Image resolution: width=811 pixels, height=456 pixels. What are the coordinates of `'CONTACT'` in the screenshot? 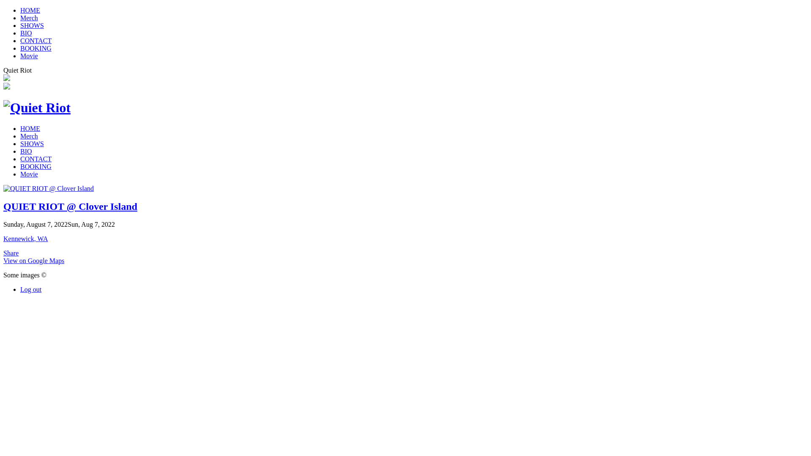 It's located at (35, 159).